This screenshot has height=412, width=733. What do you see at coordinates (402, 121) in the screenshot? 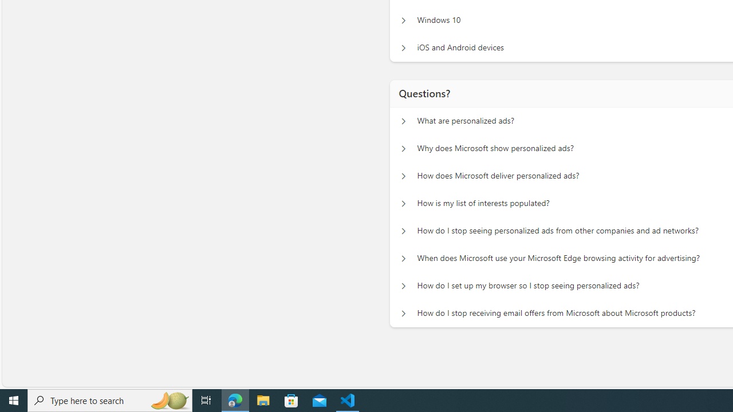
I see `'Questions? What are personalized ads?'` at bounding box center [402, 121].